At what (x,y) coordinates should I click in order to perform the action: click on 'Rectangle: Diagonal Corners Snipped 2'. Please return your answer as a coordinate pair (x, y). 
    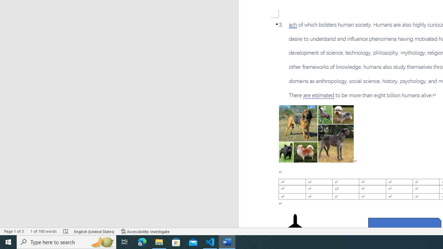
    Looking at the image, I should click on (405, 226).